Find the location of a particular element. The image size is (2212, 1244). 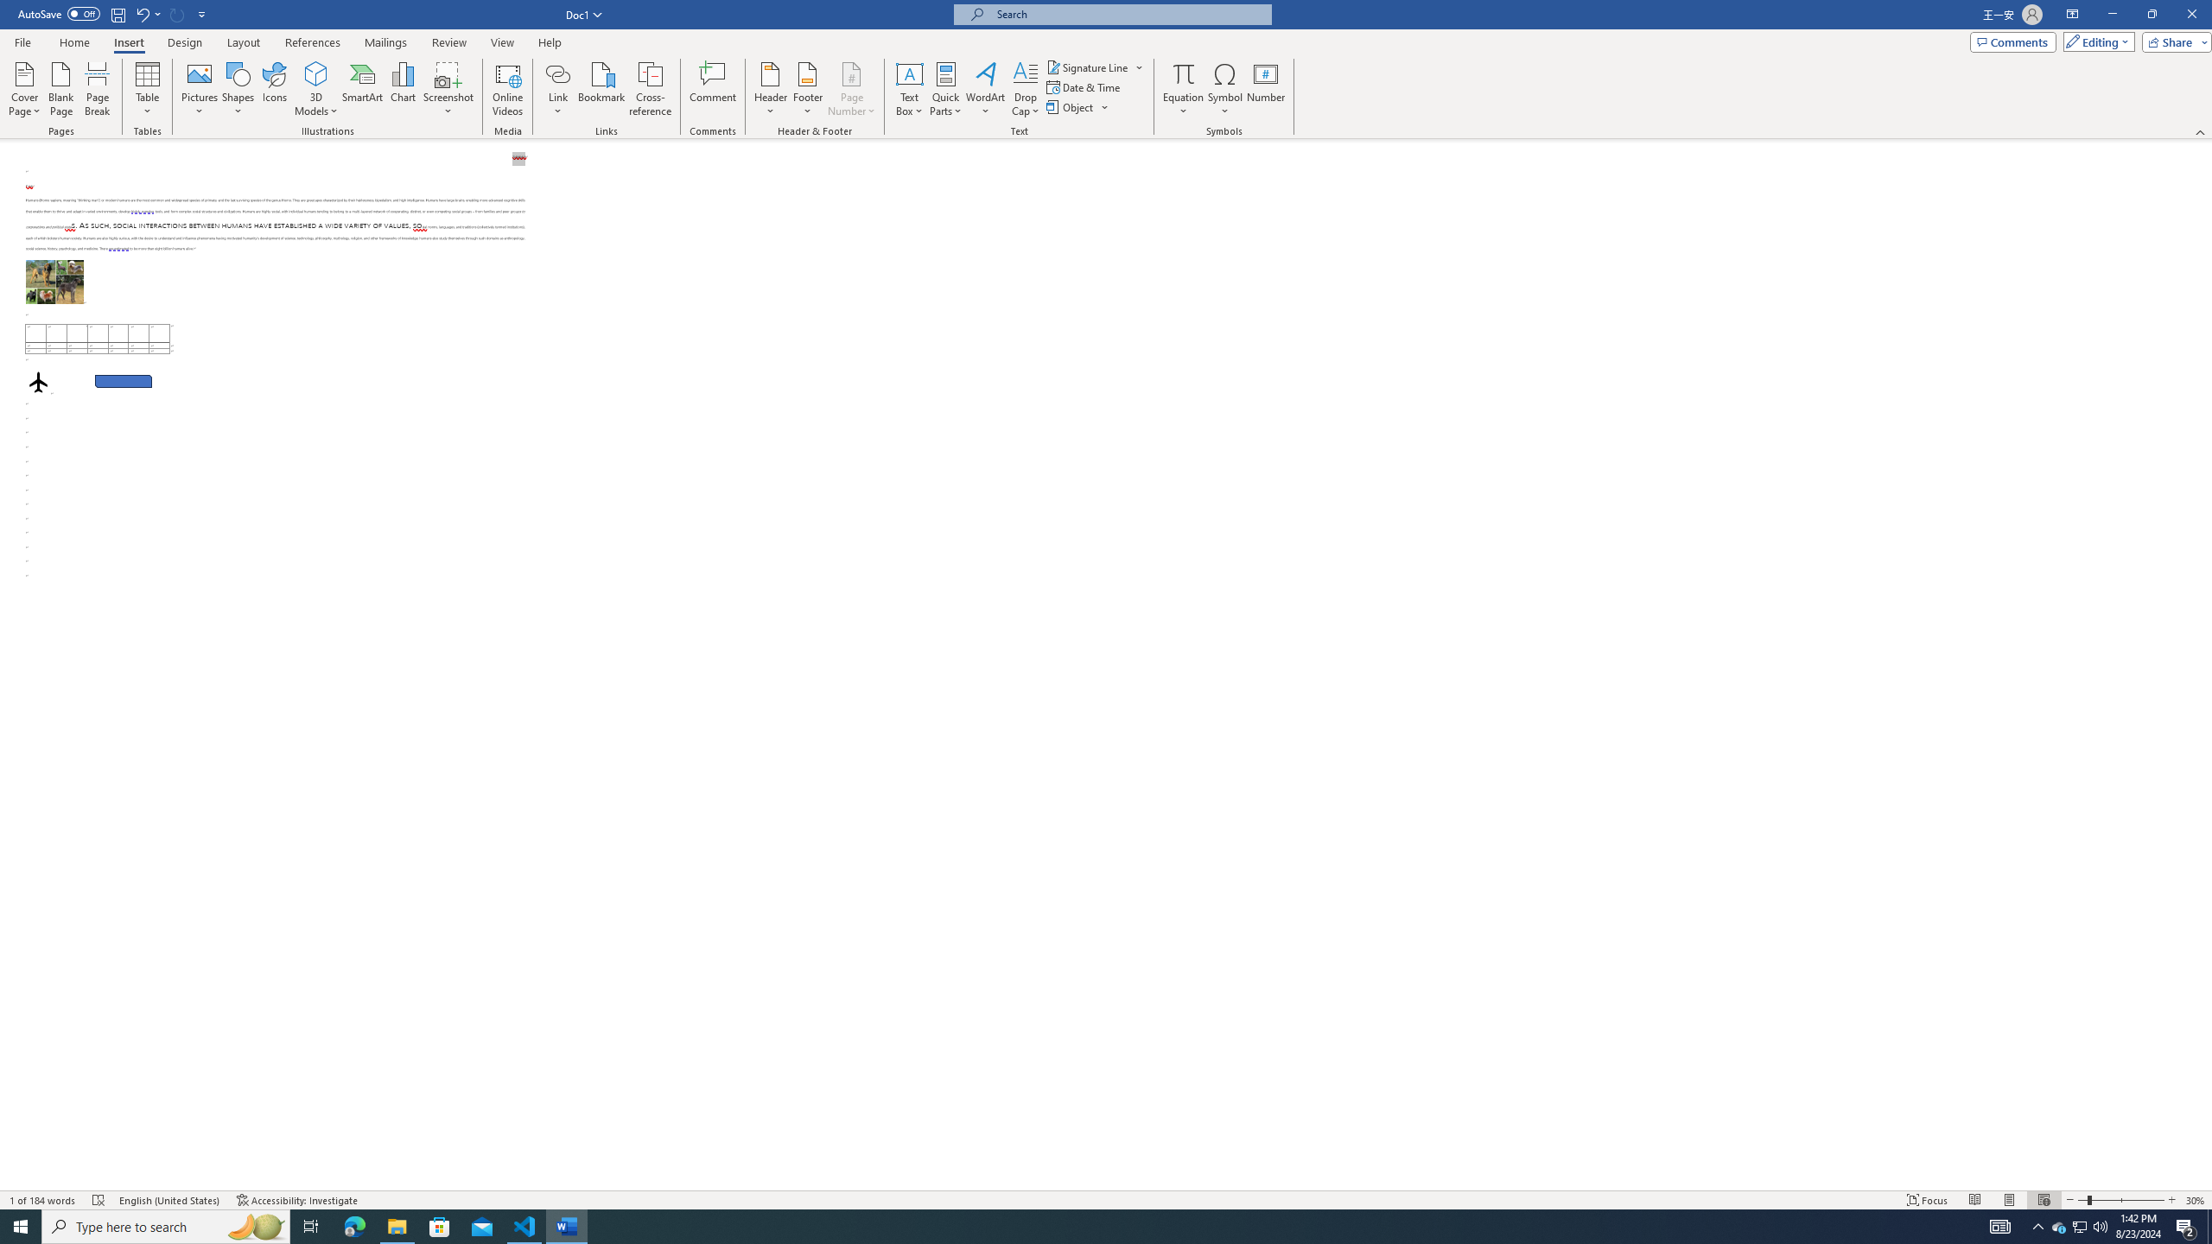

'3D Models' is located at coordinates (316, 73).